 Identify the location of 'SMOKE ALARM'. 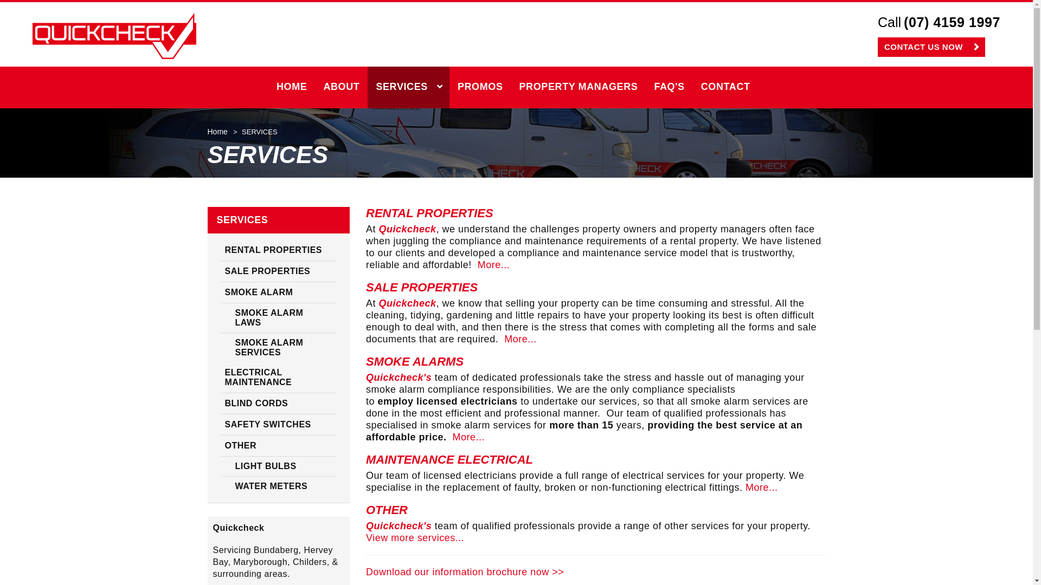
(279, 292).